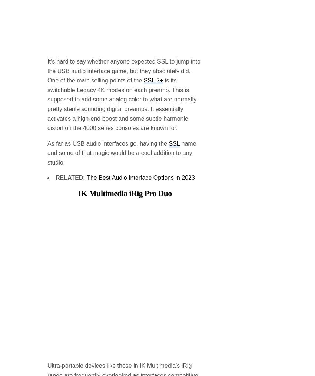 This screenshot has width=315, height=376. I want to click on 'The Best Audio Interface Options in 2023', so click(87, 117).